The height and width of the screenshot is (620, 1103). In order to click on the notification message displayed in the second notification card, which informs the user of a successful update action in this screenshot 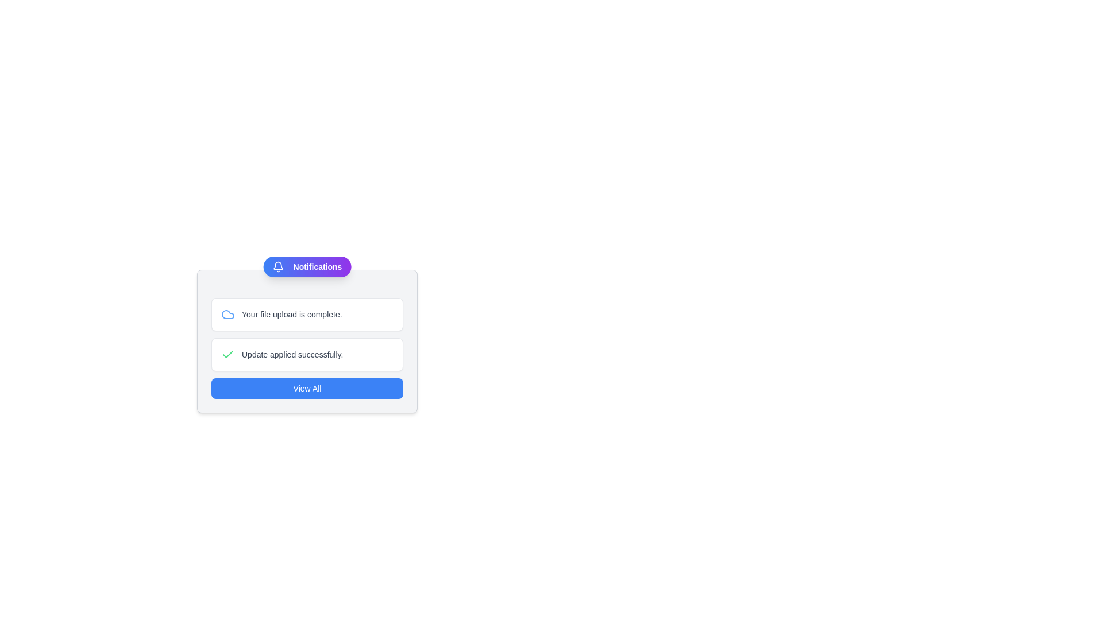, I will do `click(307, 354)`.